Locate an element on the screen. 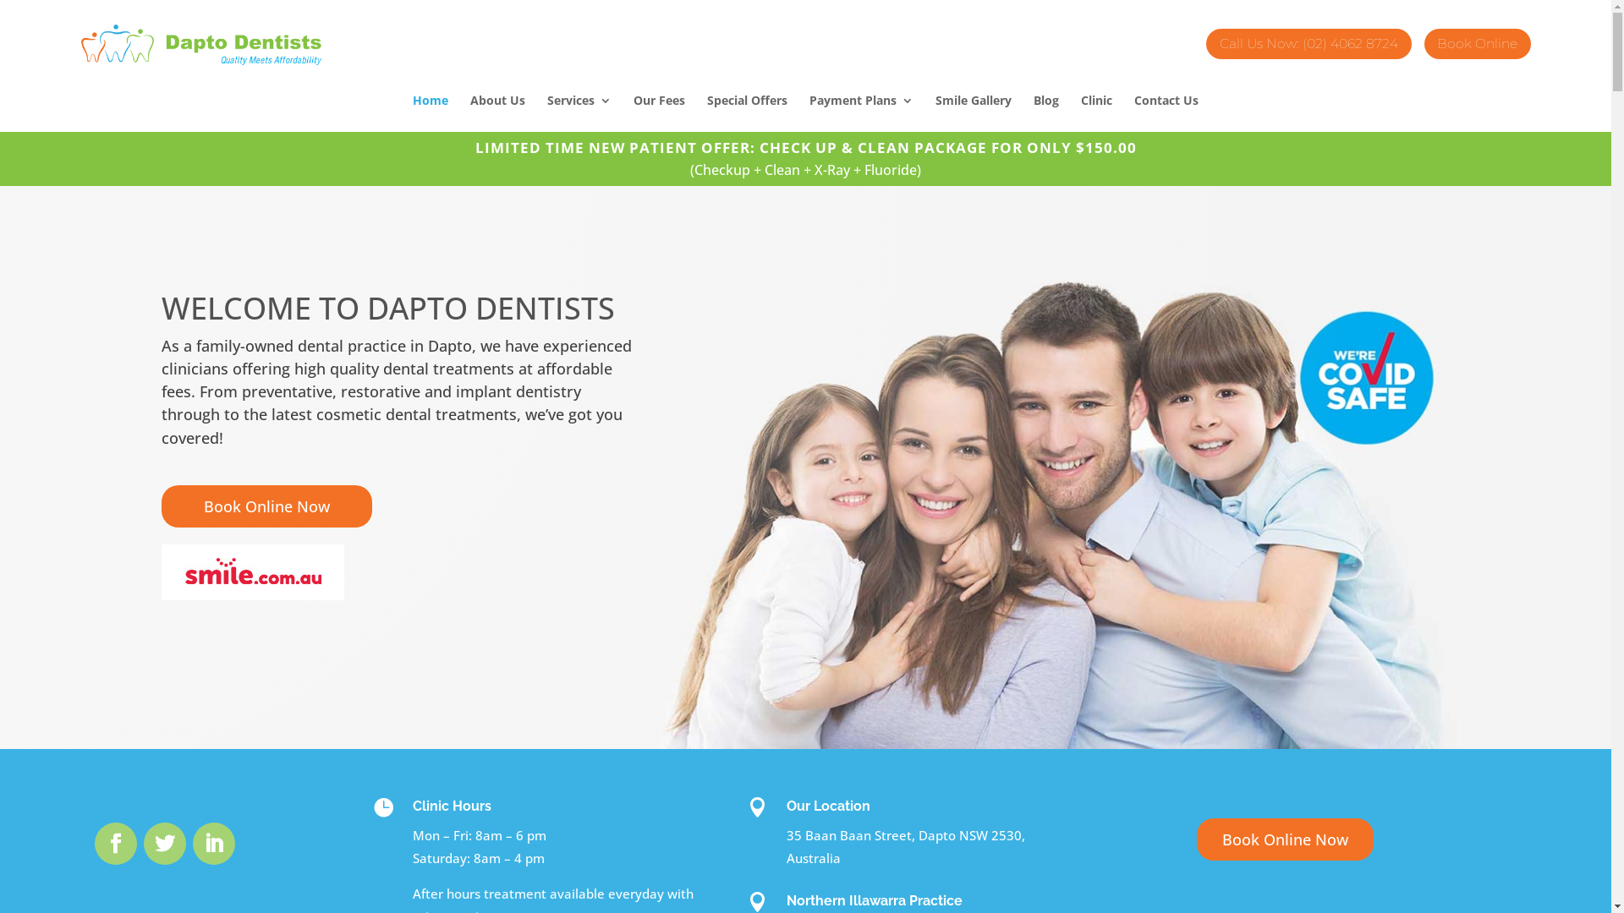  'Follow on Twitter' is located at coordinates (165, 842).